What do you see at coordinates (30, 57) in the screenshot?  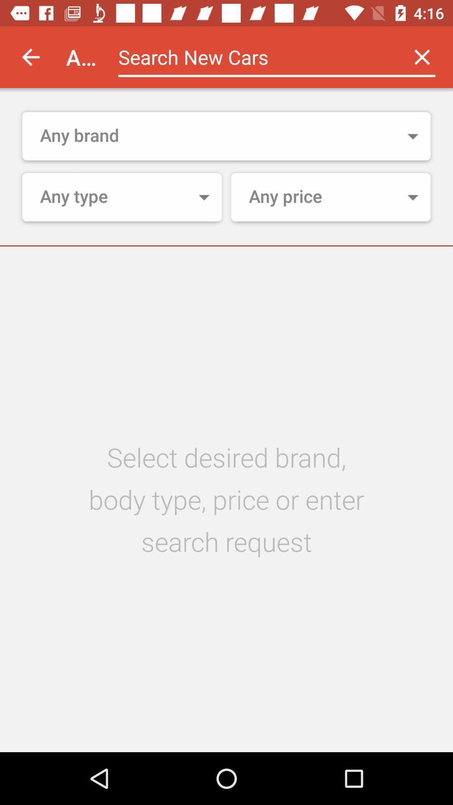 I see `icon next to the autoportal icon` at bounding box center [30, 57].